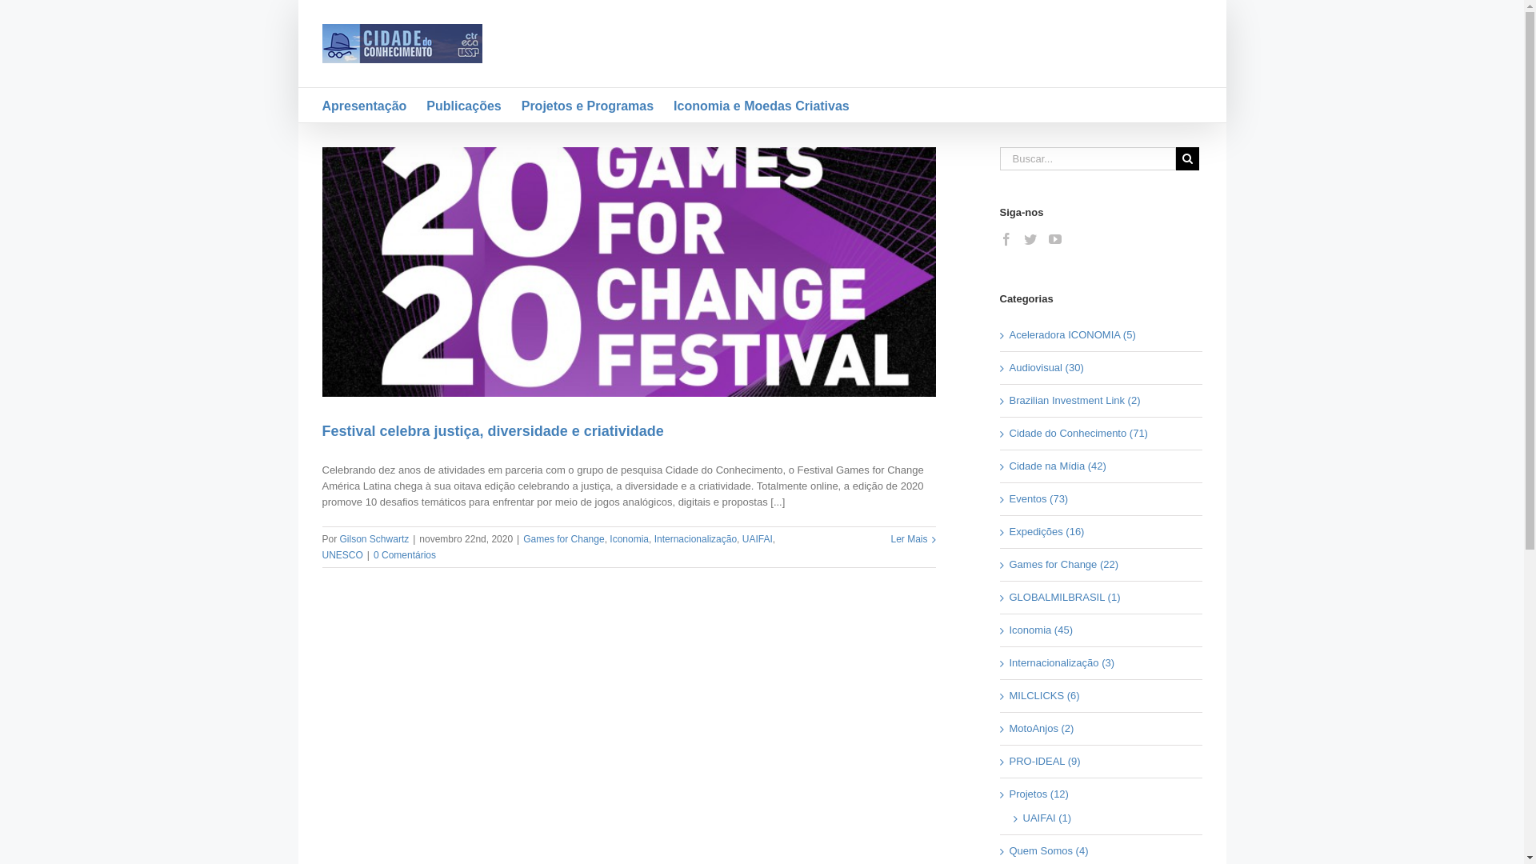 This screenshot has height=864, width=1536. I want to click on 'UAIFAI', so click(756, 539).